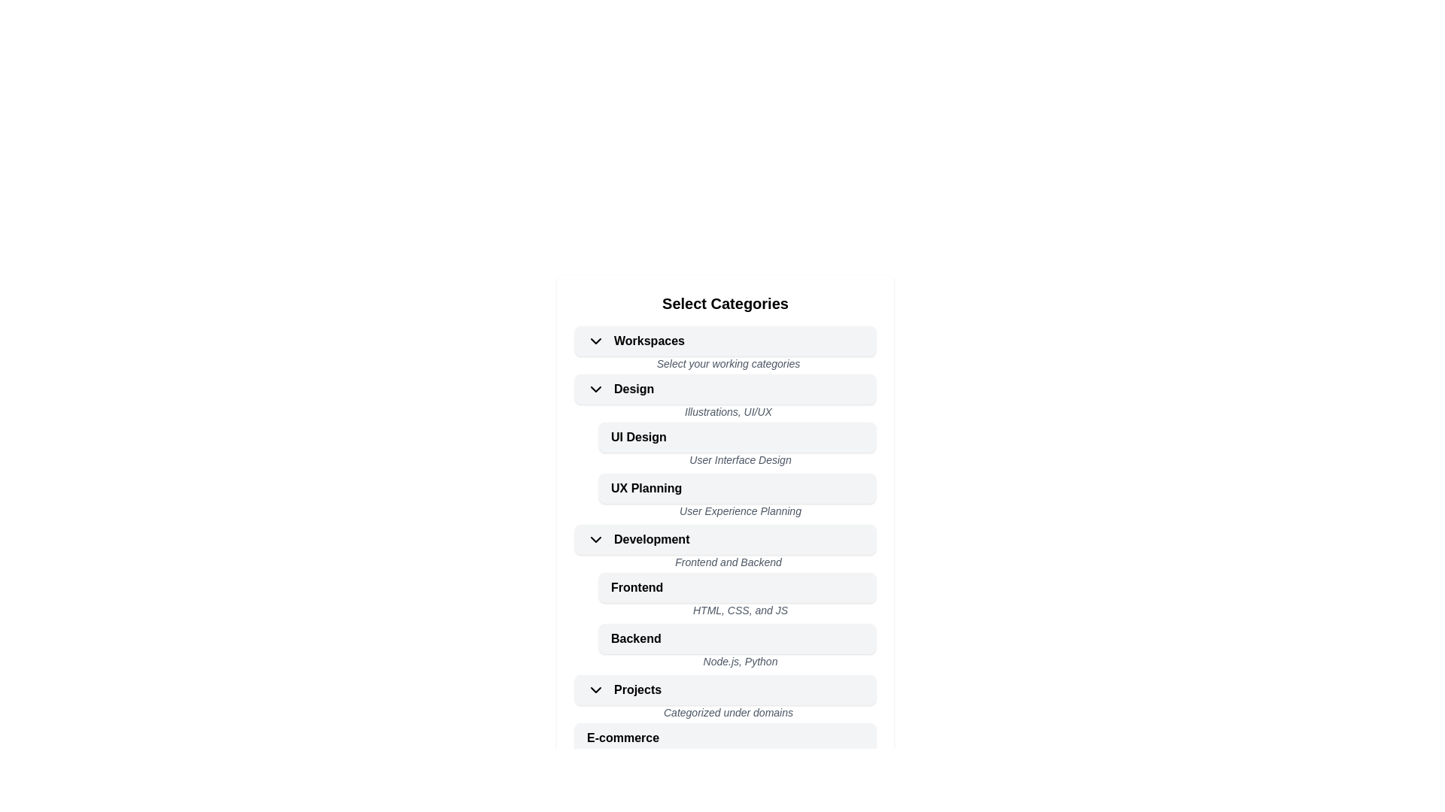 The height and width of the screenshot is (812, 1445). What do you see at coordinates (638, 538) in the screenshot?
I see `the 'Development' text label with an expandable icon` at bounding box center [638, 538].